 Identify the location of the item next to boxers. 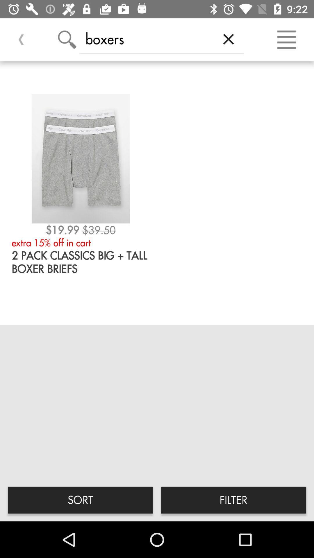
(228, 39).